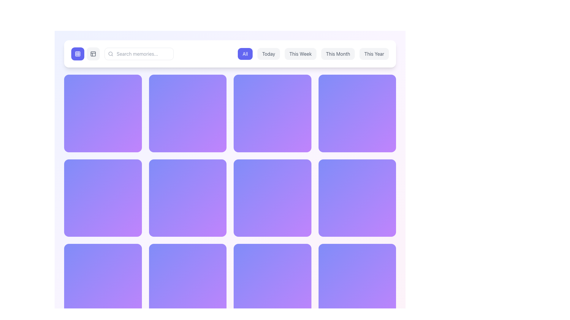 This screenshot has height=320, width=570. What do you see at coordinates (93, 54) in the screenshot?
I see `the light gray square button with rounded corners and a grid icon located in the header section, adjacent to the blue button` at bounding box center [93, 54].